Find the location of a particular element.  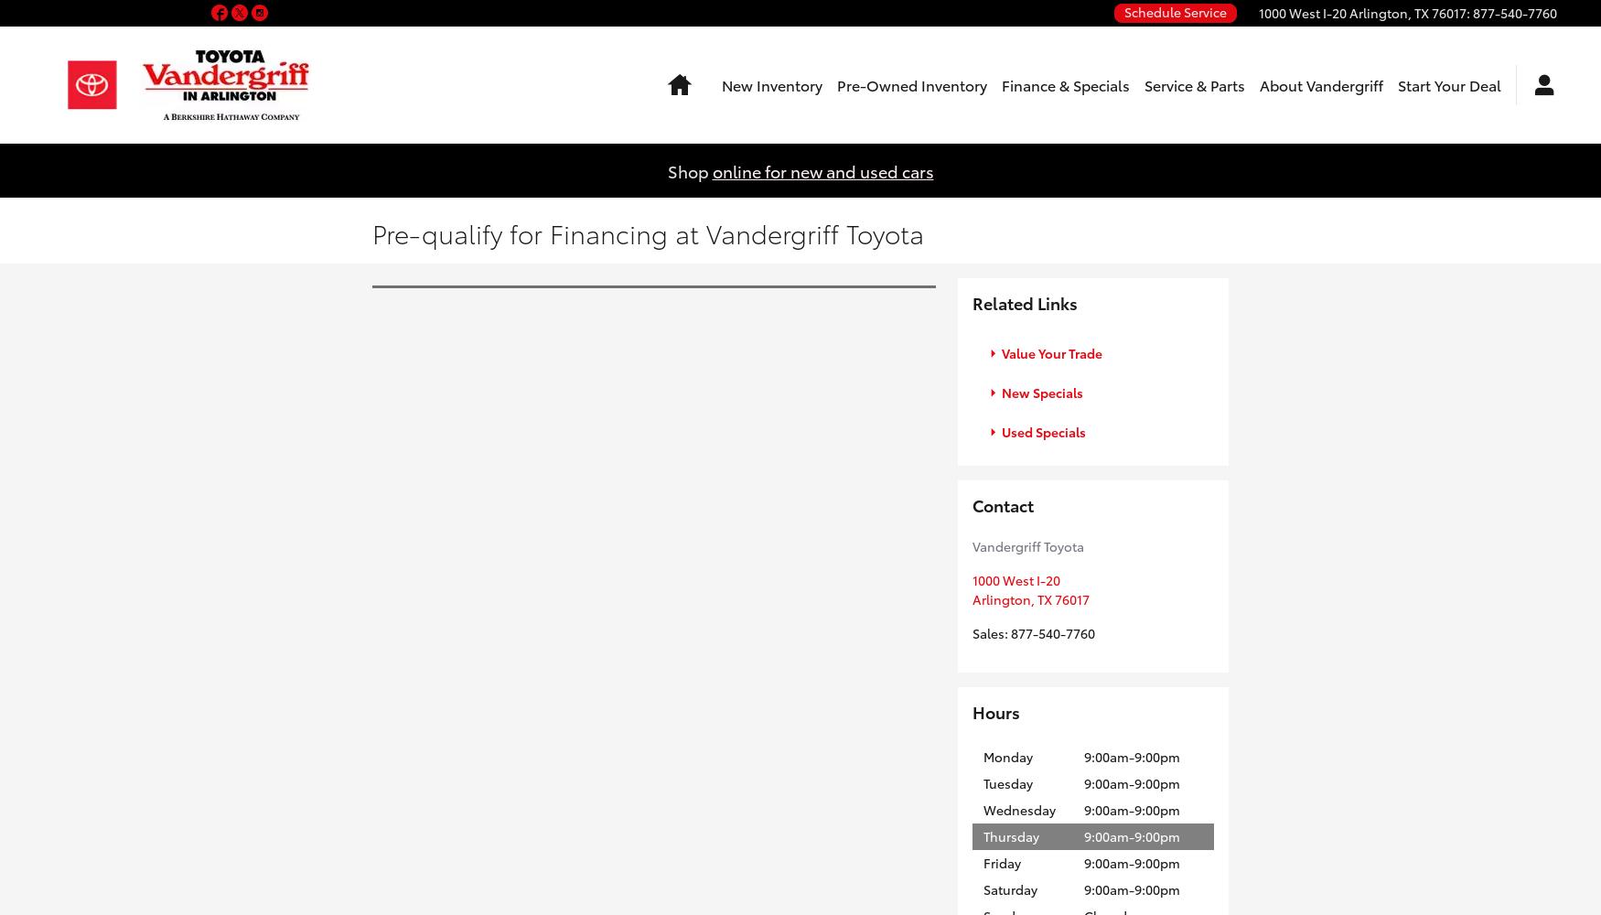

'Saturday' is located at coordinates (1010, 888).